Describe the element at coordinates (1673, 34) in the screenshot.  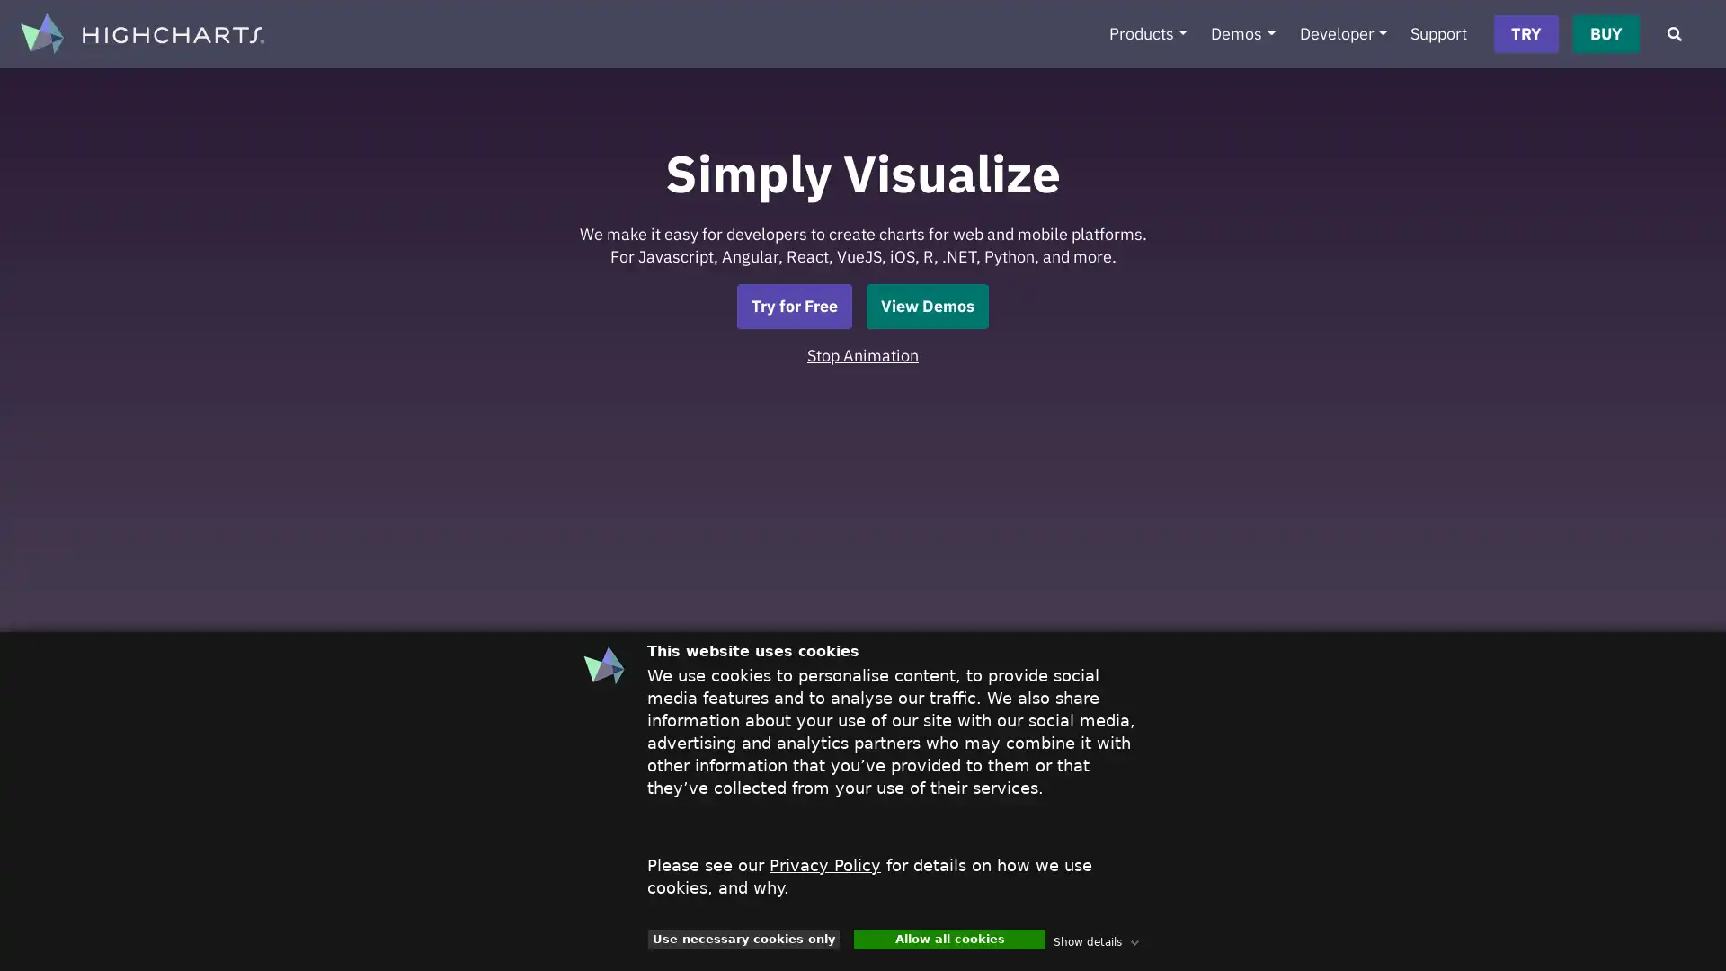
I see `Open search field` at that location.